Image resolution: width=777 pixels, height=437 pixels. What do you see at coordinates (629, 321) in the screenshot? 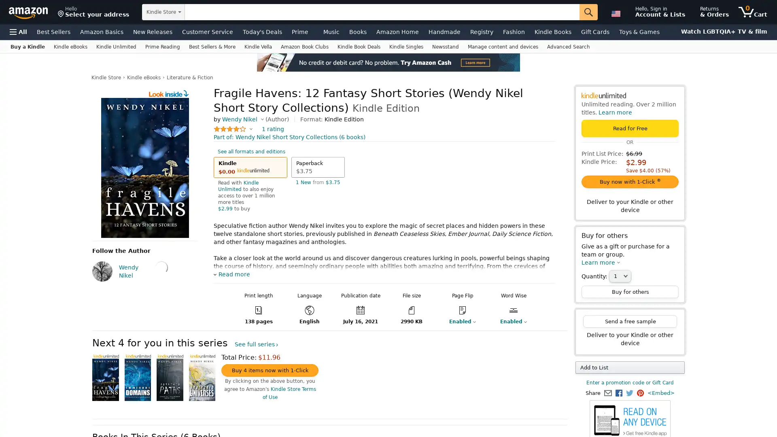
I see `Send a free sample` at bounding box center [629, 321].